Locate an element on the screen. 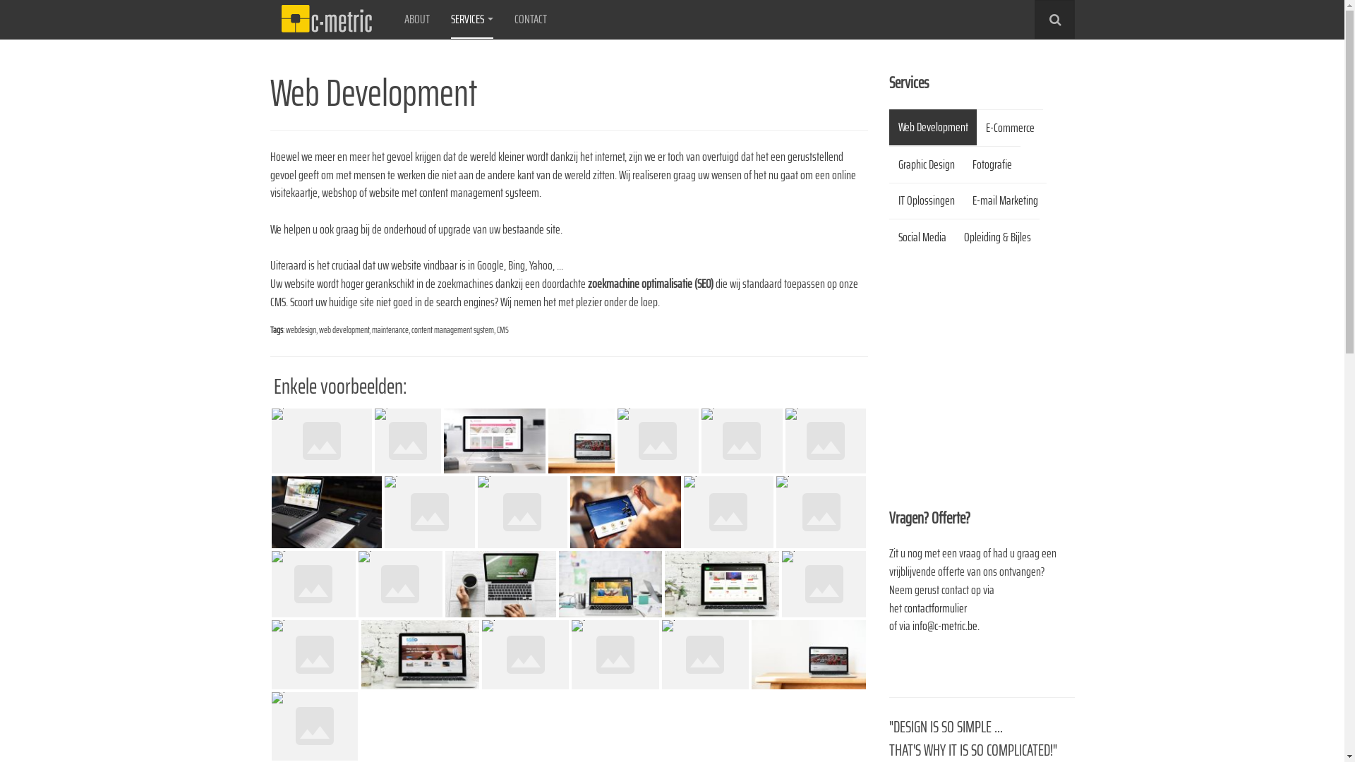  'info@c-metric.be.' is located at coordinates (946, 625).